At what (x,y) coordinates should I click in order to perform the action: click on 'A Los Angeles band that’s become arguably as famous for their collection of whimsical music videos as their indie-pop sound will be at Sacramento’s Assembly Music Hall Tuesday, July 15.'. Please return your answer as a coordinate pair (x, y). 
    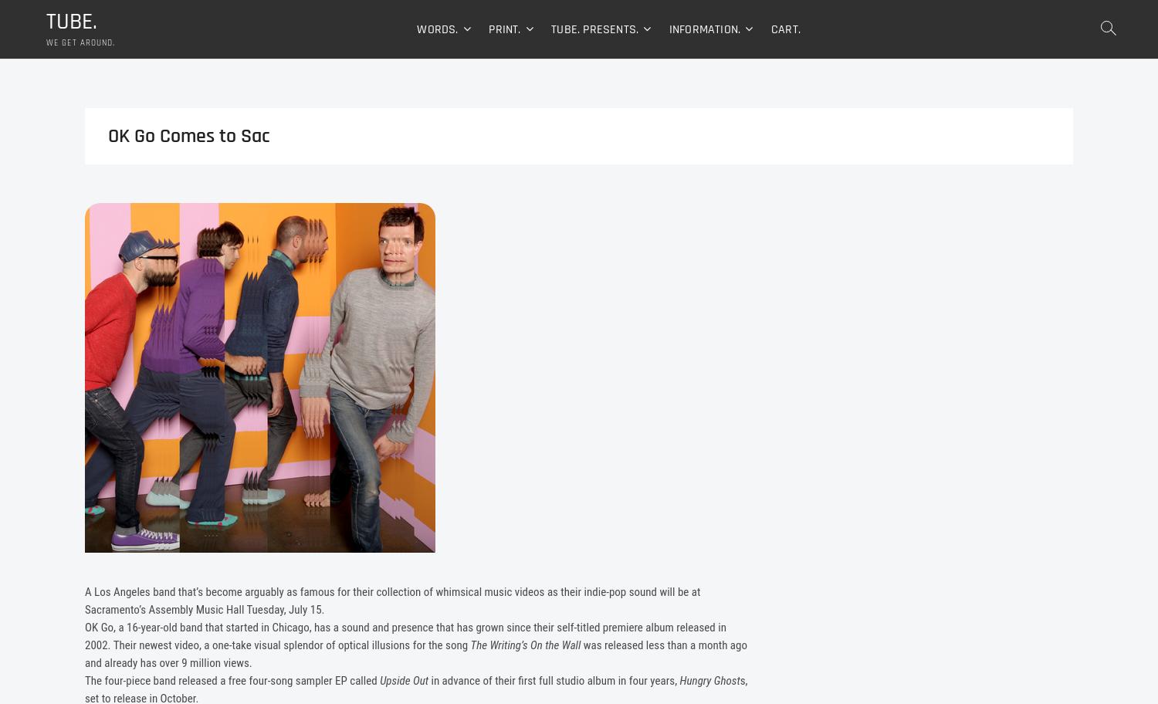
    Looking at the image, I should click on (392, 602).